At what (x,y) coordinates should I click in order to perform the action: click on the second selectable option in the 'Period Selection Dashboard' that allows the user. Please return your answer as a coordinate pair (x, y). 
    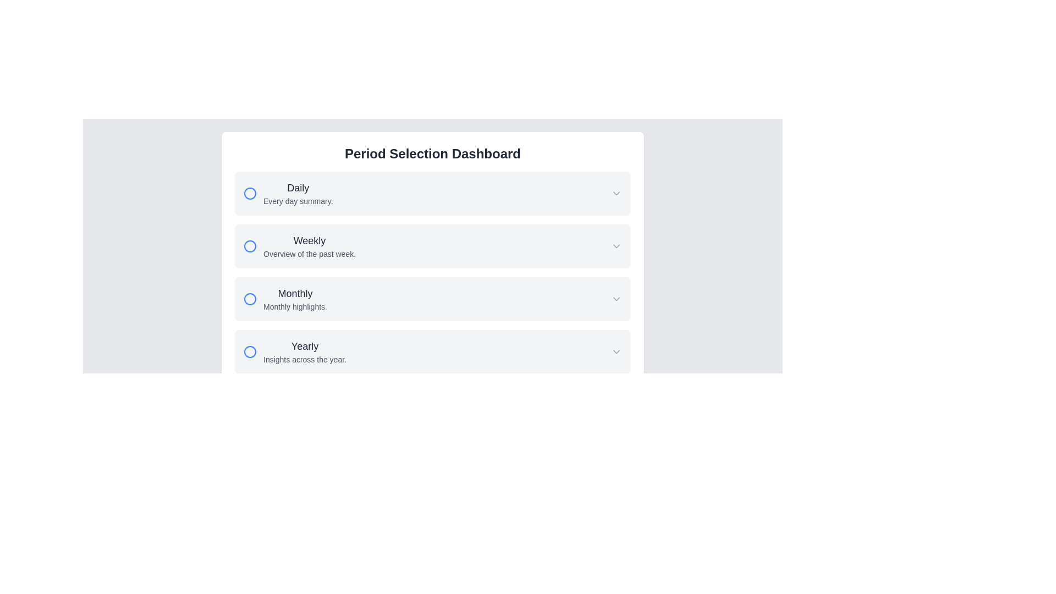
    Looking at the image, I should click on (432, 259).